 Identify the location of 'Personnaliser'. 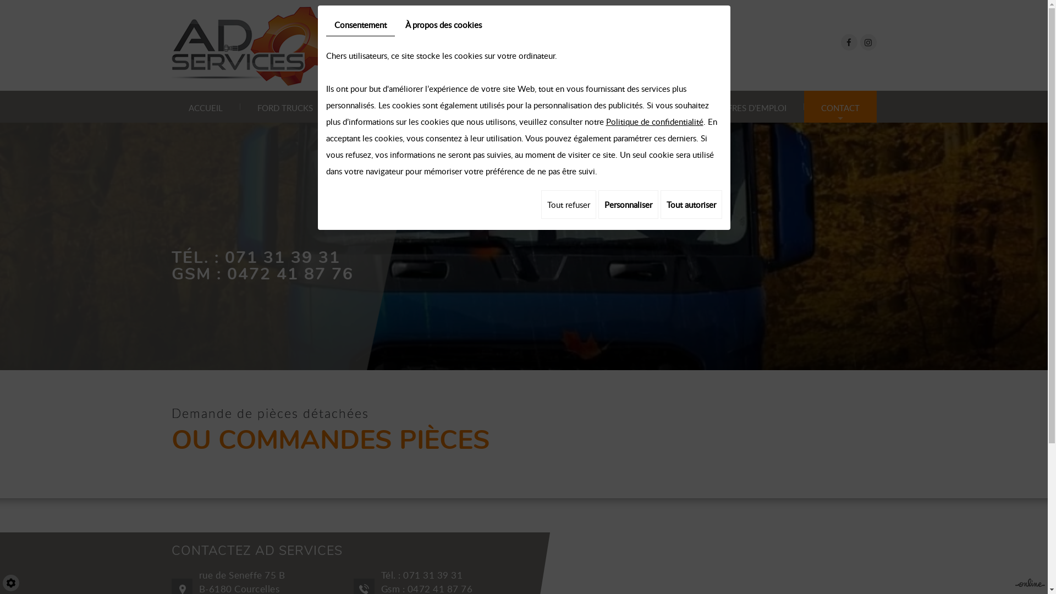
(628, 204).